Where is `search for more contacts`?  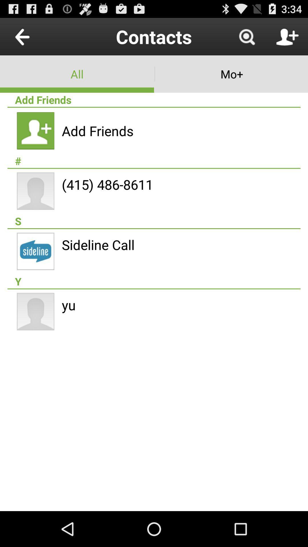
search for more contacts is located at coordinates (246, 36).